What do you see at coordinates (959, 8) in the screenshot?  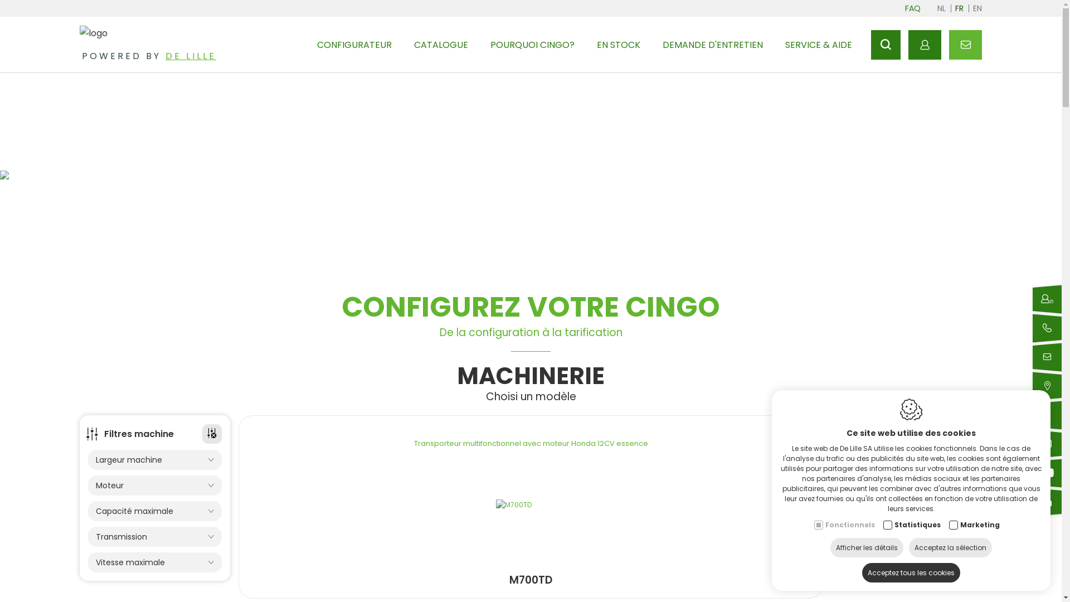 I see `'FR'` at bounding box center [959, 8].